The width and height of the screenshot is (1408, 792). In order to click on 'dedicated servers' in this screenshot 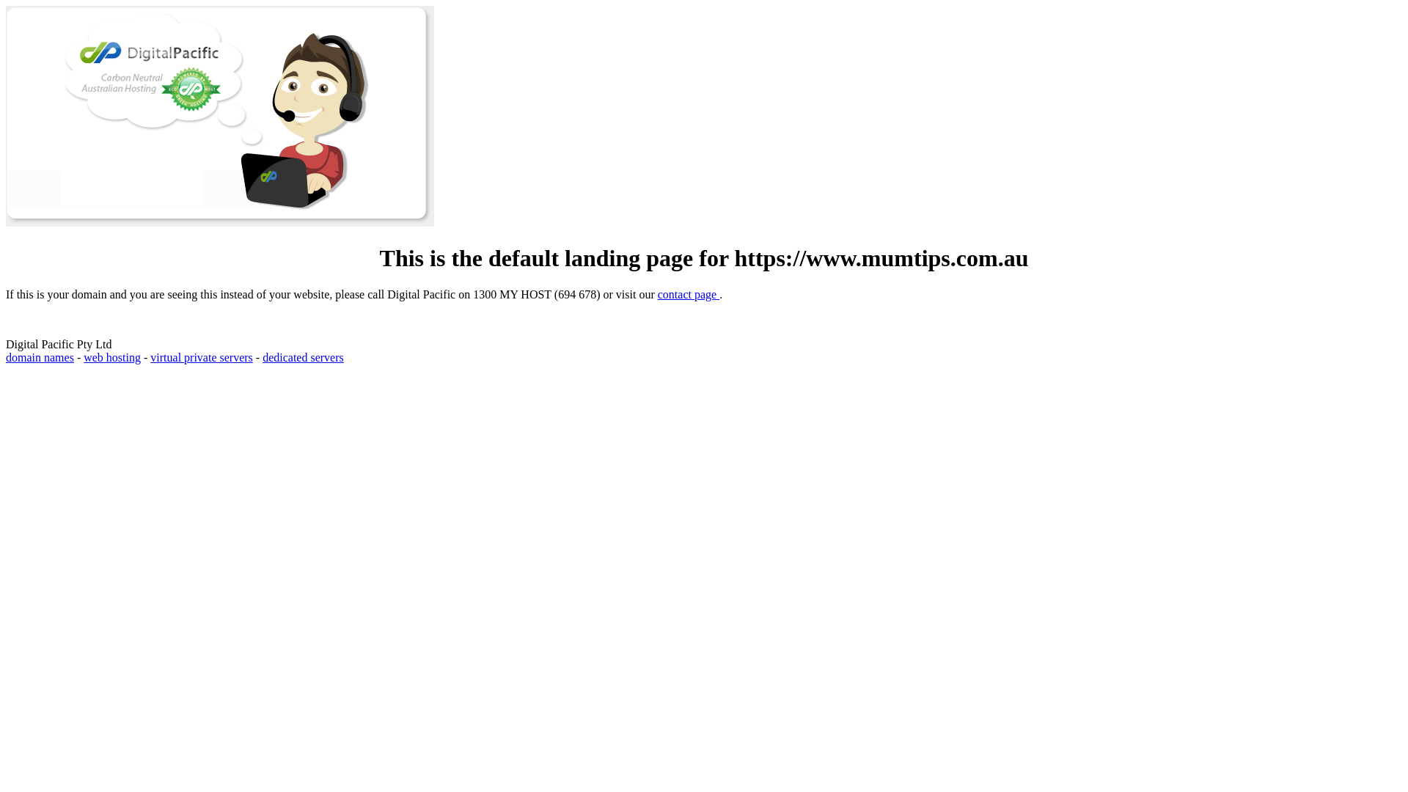, I will do `click(263, 357)`.